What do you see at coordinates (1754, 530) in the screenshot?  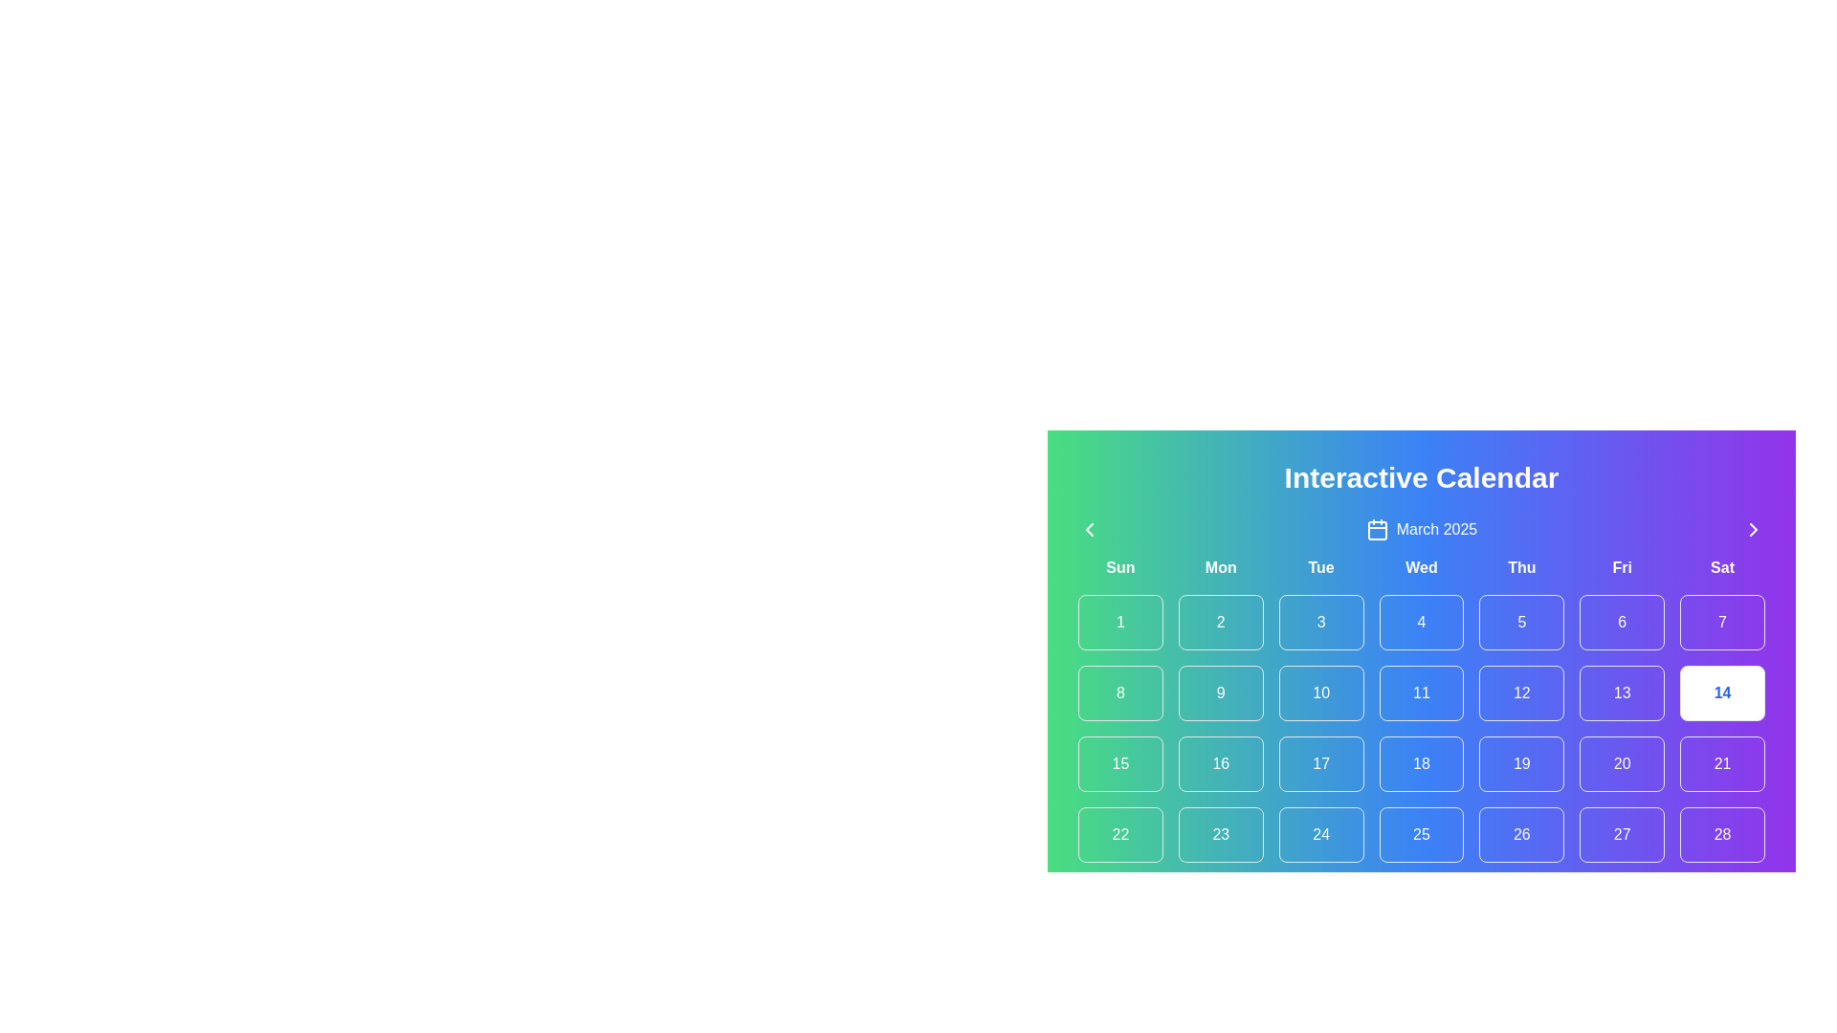 I see `the navigation icon in the top-right corner of the calendar interface` at bounding box center [1754, 530].